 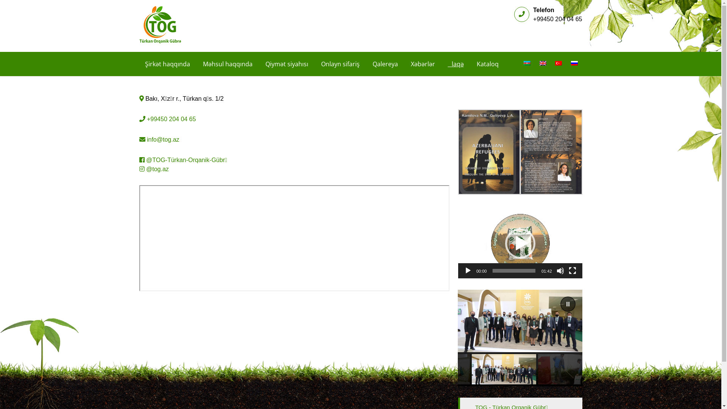 What do you see at coordinates (573, 270) in the screenshot?
I see `'Fullscreen'` at bounding box center [573, 270].